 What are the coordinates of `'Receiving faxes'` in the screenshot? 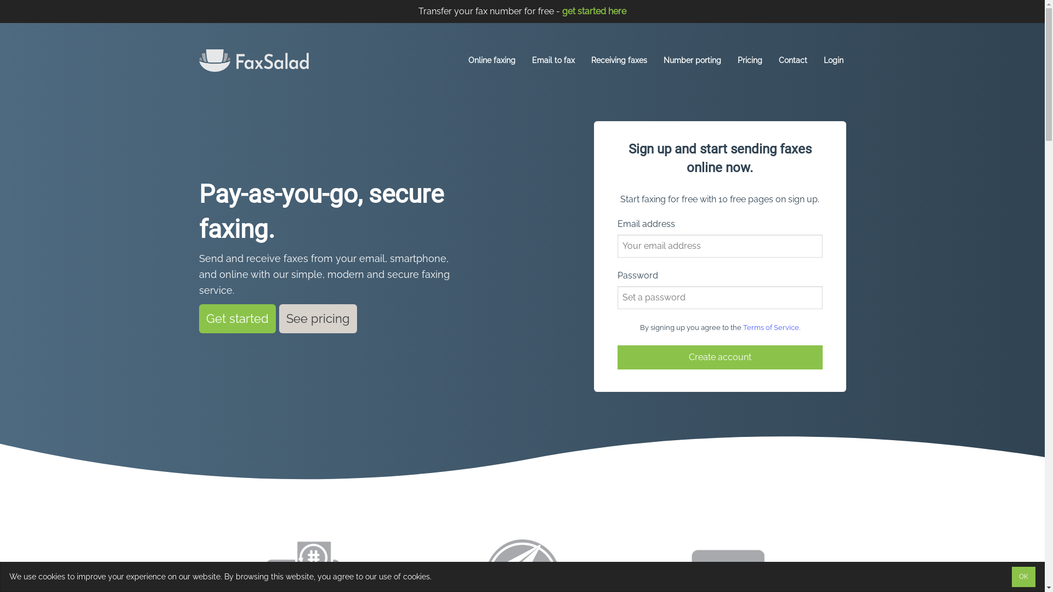 It's located at (619, 60).